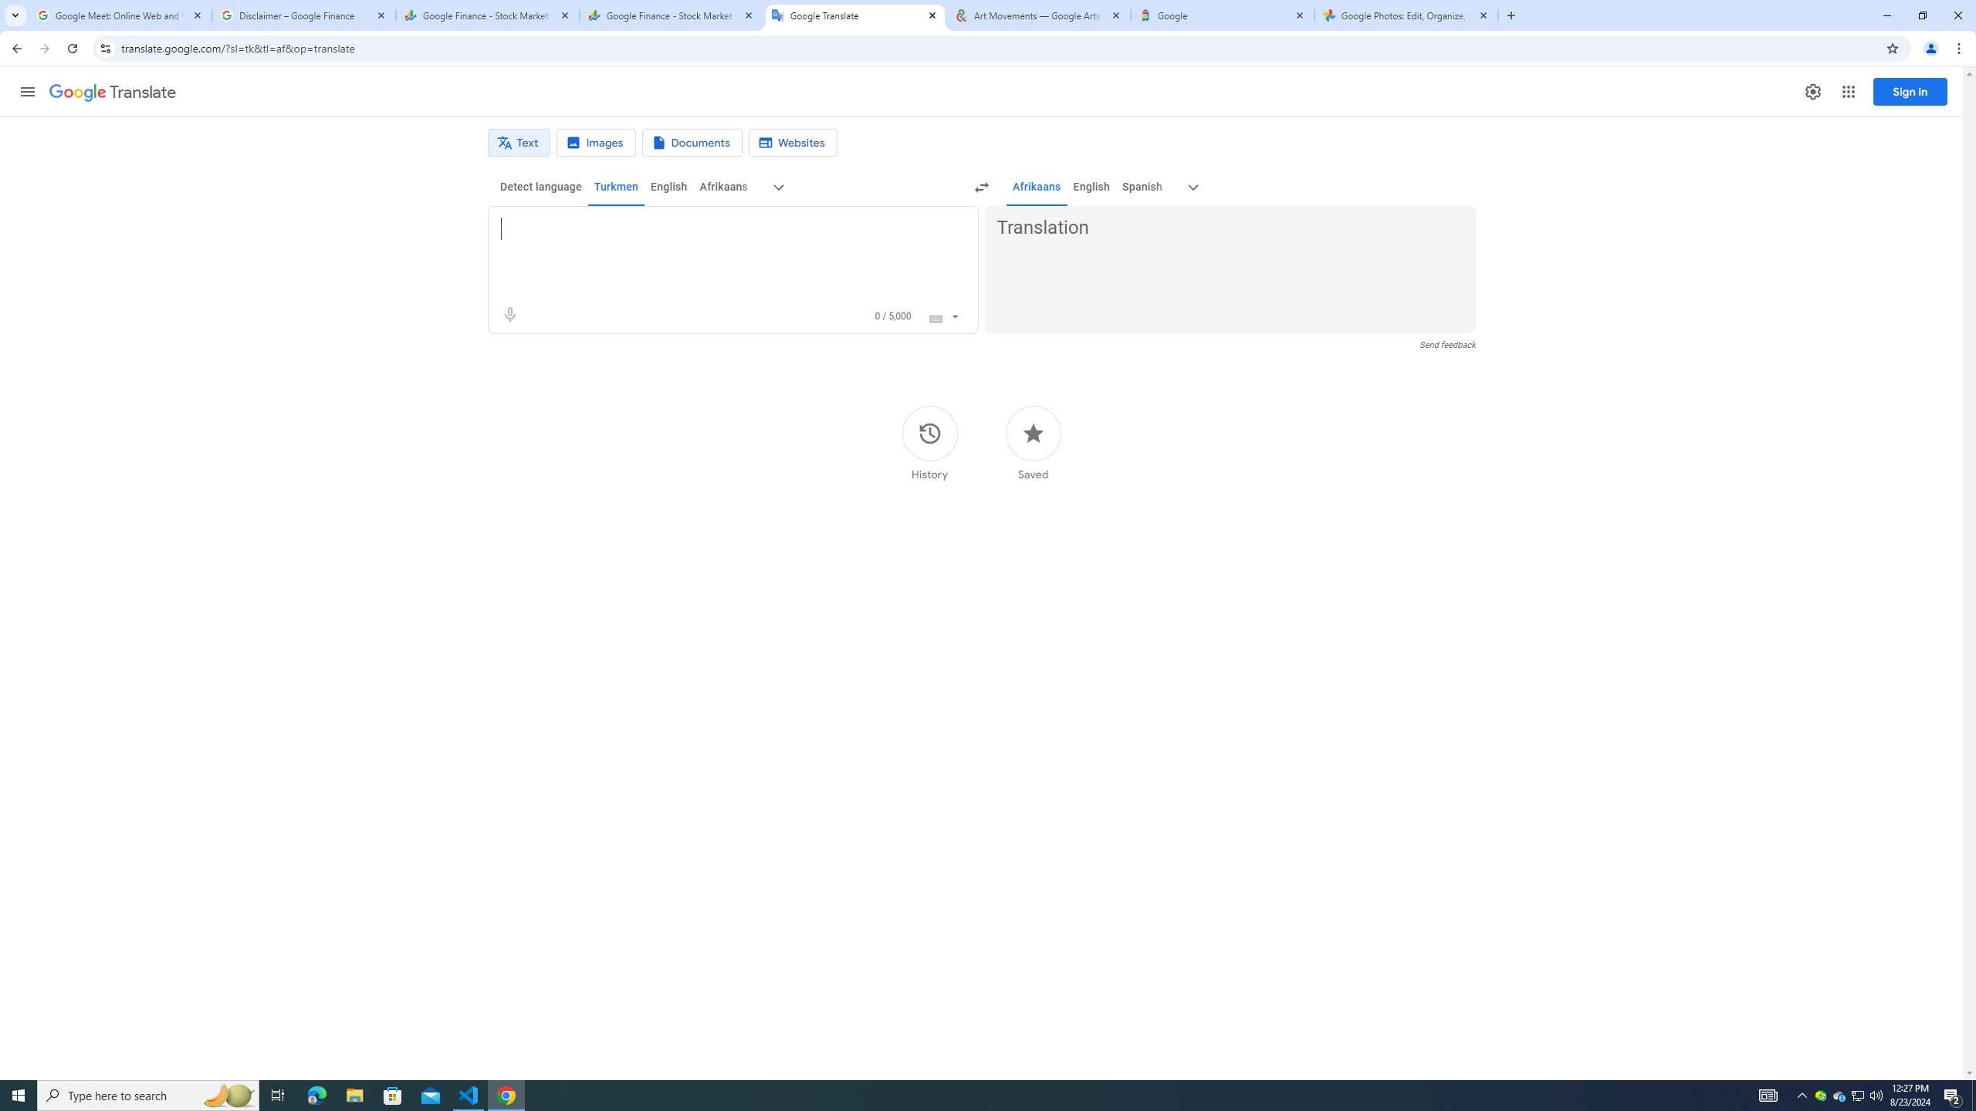  What do you see at coordinates (1447, 345) in the screenshot?
I see `'Send feedback'` at bounding box center [1447, 345].